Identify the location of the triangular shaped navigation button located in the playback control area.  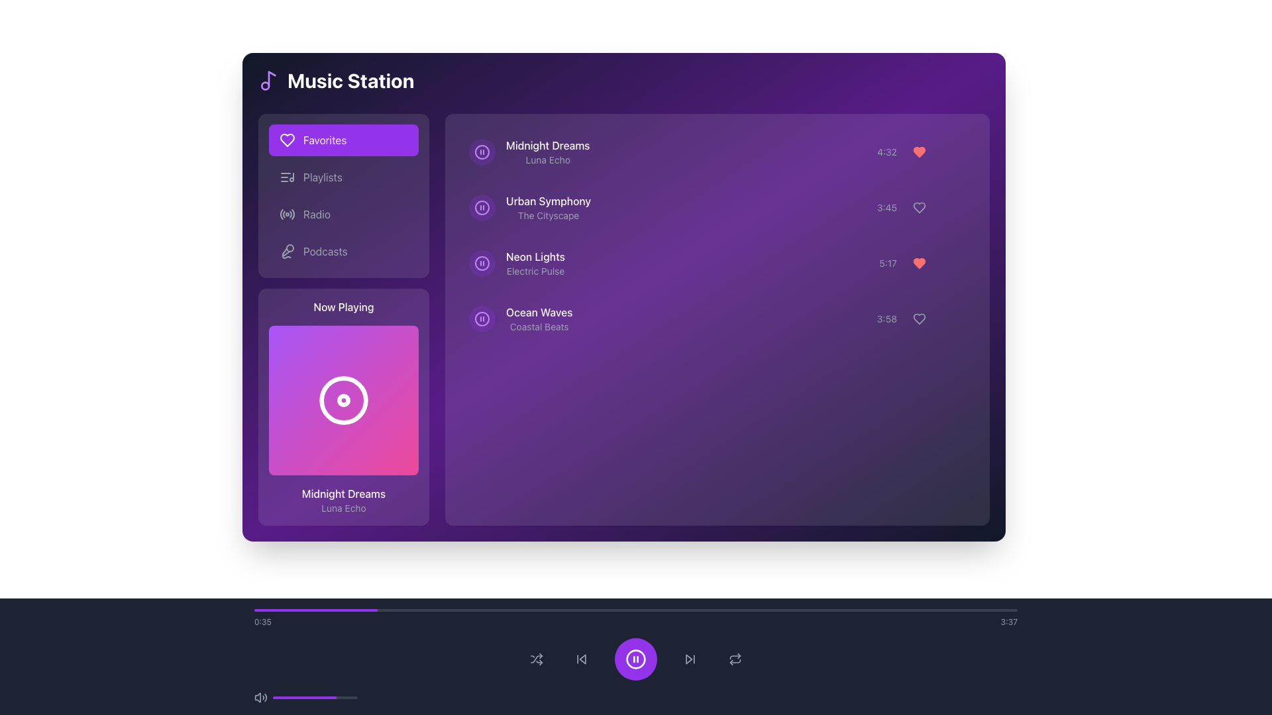
(582, 659).